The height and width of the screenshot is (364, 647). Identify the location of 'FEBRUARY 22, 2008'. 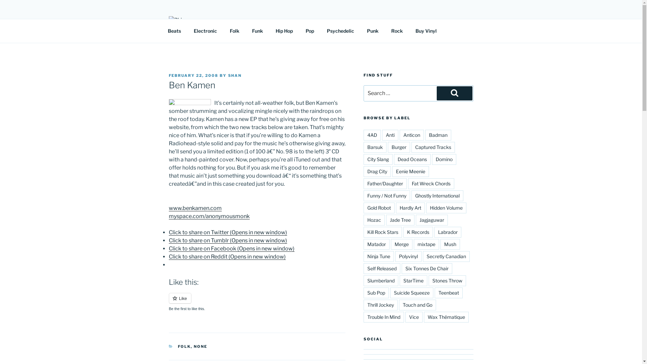
(193, 75).